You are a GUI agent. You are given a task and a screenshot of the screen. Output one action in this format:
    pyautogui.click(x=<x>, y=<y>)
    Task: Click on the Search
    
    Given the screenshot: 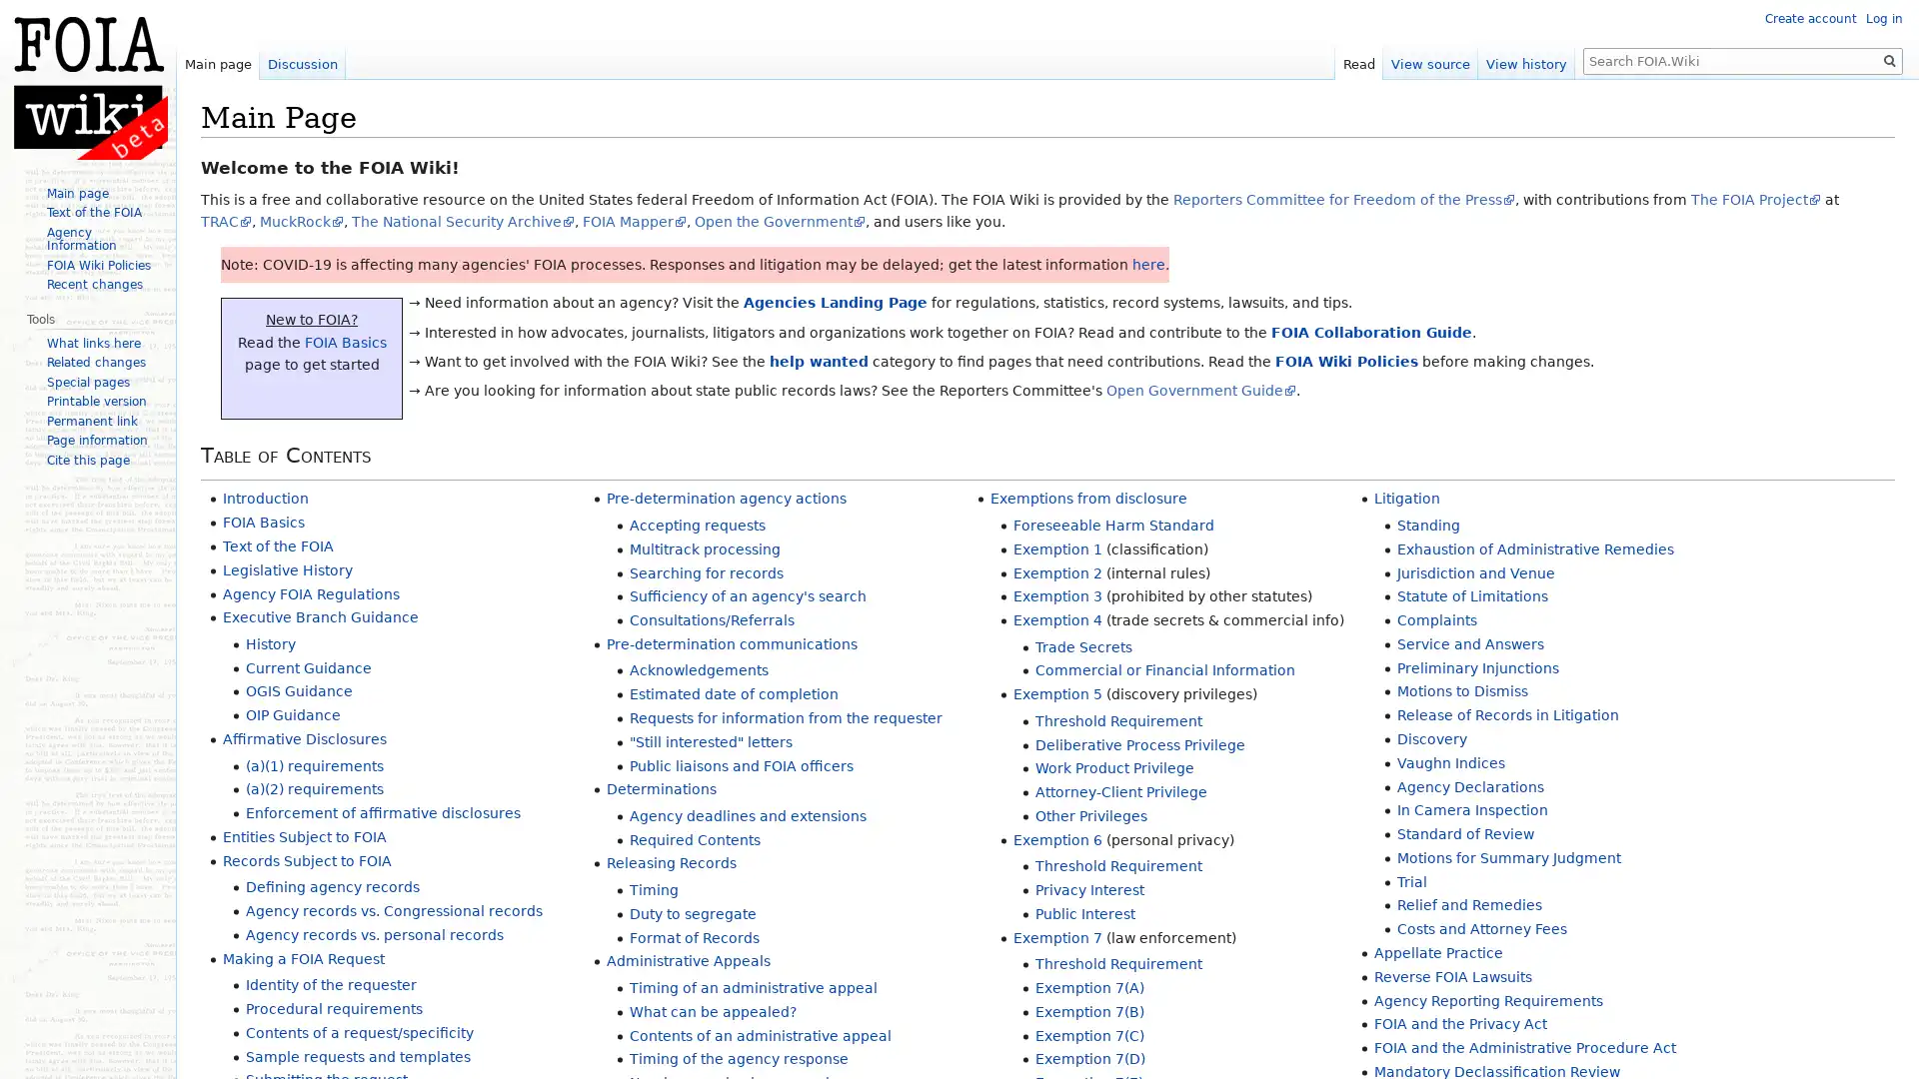 What is the action you would take?
    pyautogui.click(x=1889, y=60)
    